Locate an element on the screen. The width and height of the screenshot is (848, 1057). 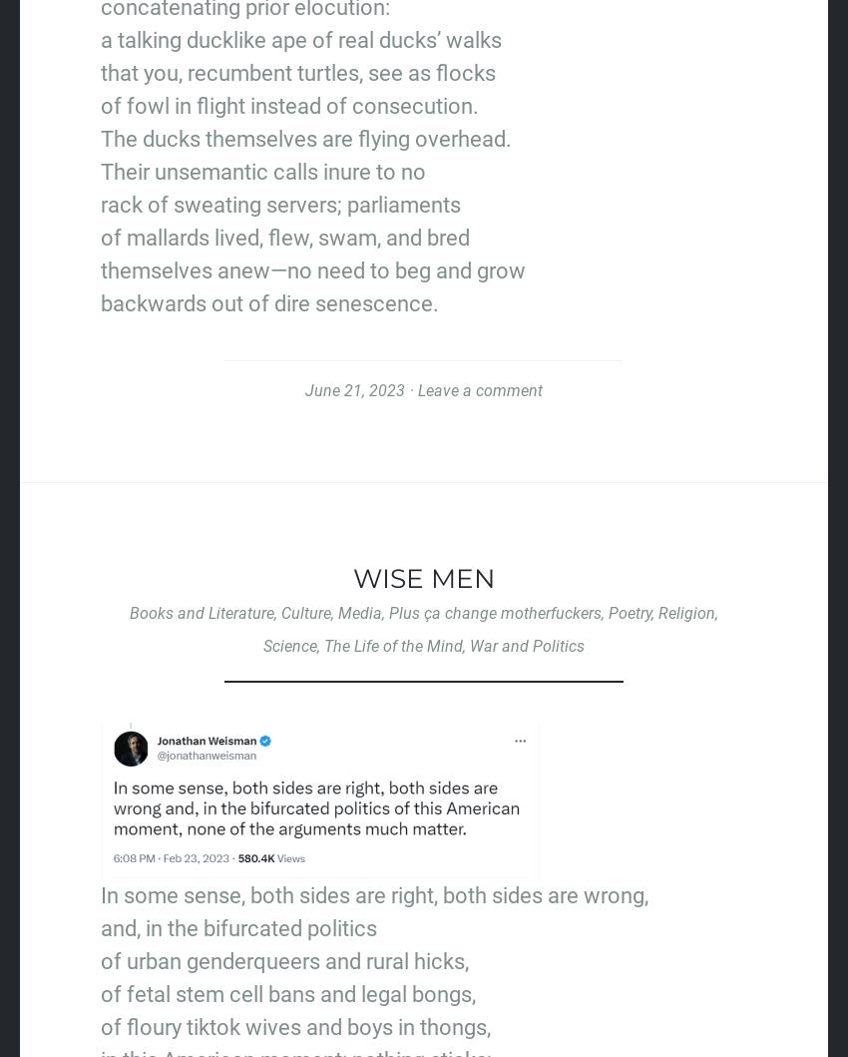
'Media' is located at coordinates (358, 611).